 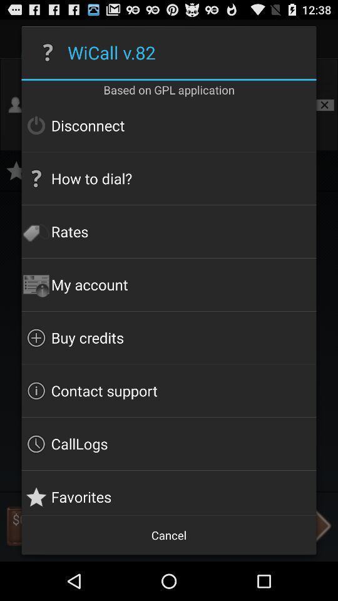 What do you see at coordinates (169, 125) in the screenshot?
I see `disconnect` at bounding box center [169, 125].